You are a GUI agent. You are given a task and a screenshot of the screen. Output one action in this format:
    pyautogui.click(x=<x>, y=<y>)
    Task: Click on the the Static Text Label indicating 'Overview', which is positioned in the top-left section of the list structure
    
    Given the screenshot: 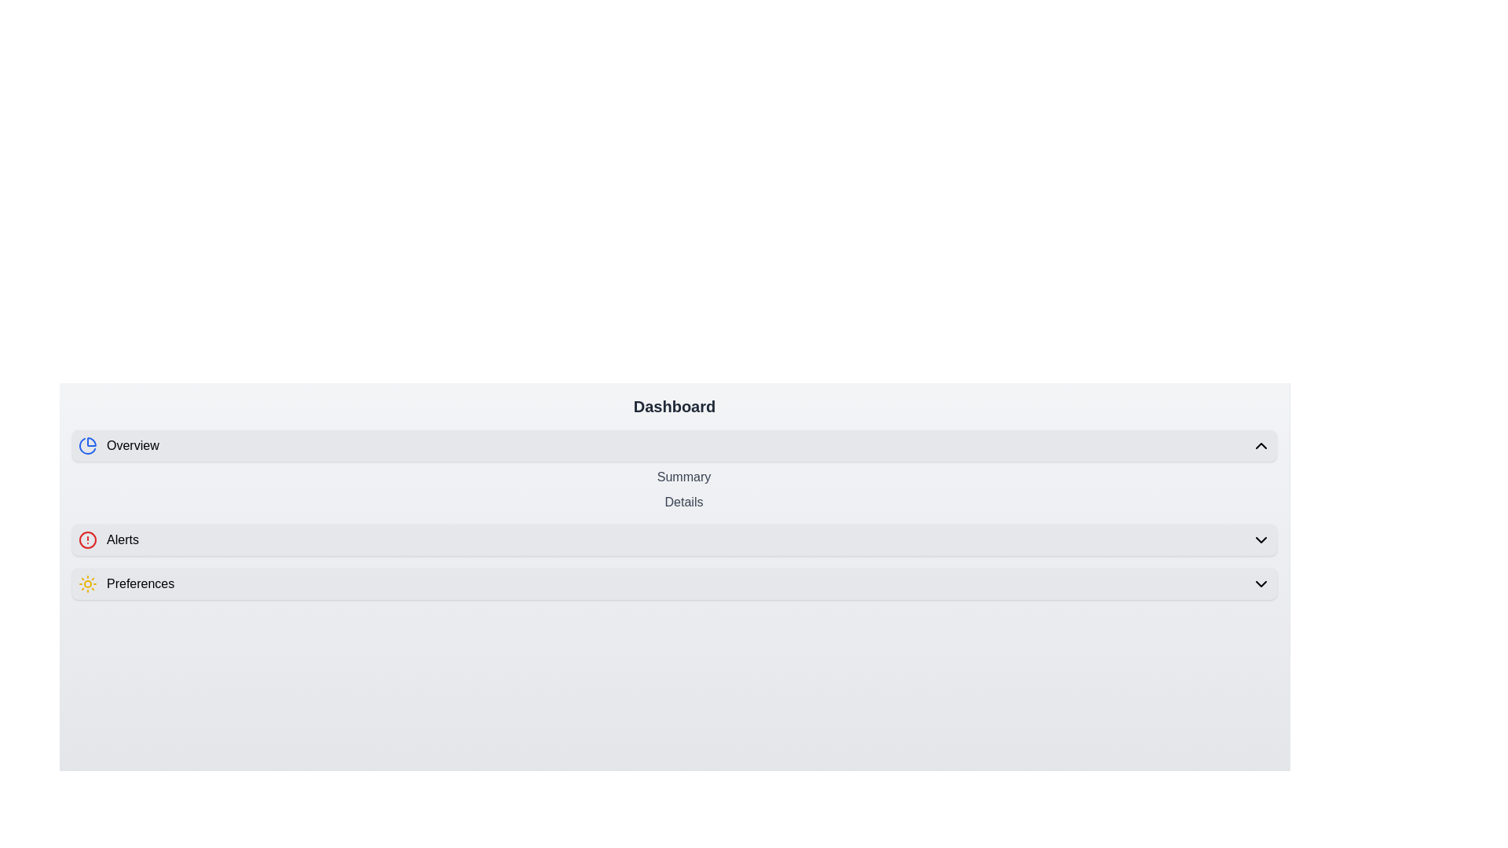 What is the action you would take?
    pyautogui.click(x=133, y=445)
    